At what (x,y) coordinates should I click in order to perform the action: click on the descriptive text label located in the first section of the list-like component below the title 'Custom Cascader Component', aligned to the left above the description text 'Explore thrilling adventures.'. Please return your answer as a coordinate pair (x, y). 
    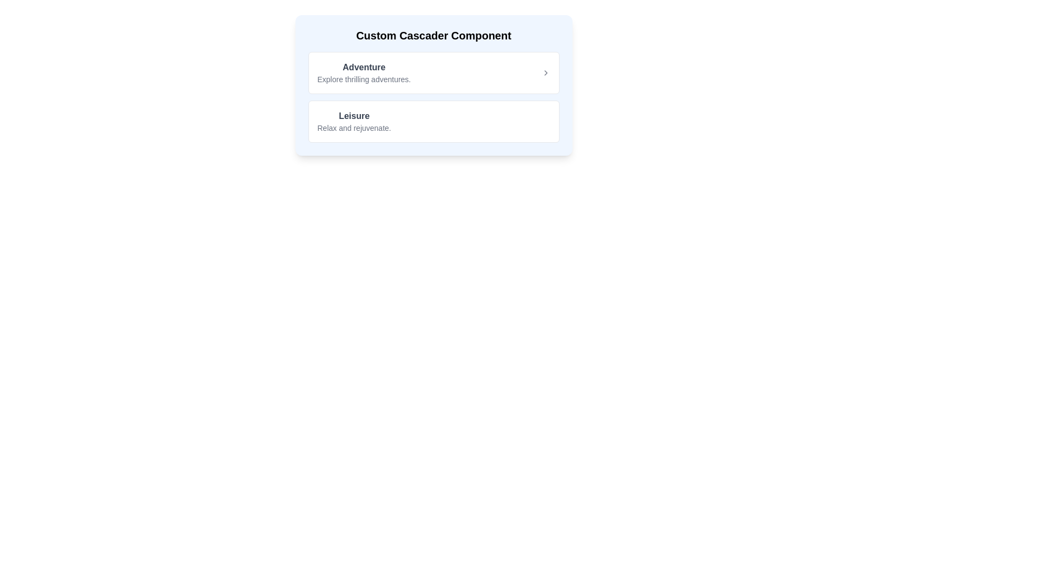
    Looking at the image, I should click on (364, 67).